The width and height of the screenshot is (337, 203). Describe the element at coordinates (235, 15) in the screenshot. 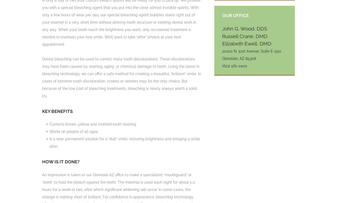

I see `'OUR OFFICE'` at that location.